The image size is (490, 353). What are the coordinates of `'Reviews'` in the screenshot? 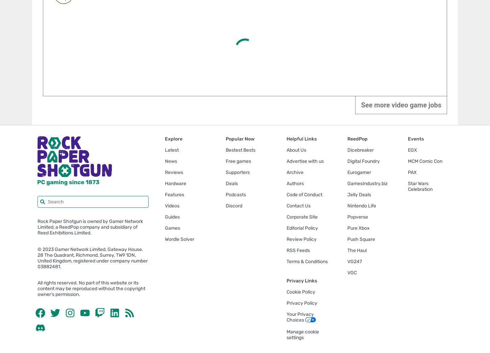 It's located at (174, 172).